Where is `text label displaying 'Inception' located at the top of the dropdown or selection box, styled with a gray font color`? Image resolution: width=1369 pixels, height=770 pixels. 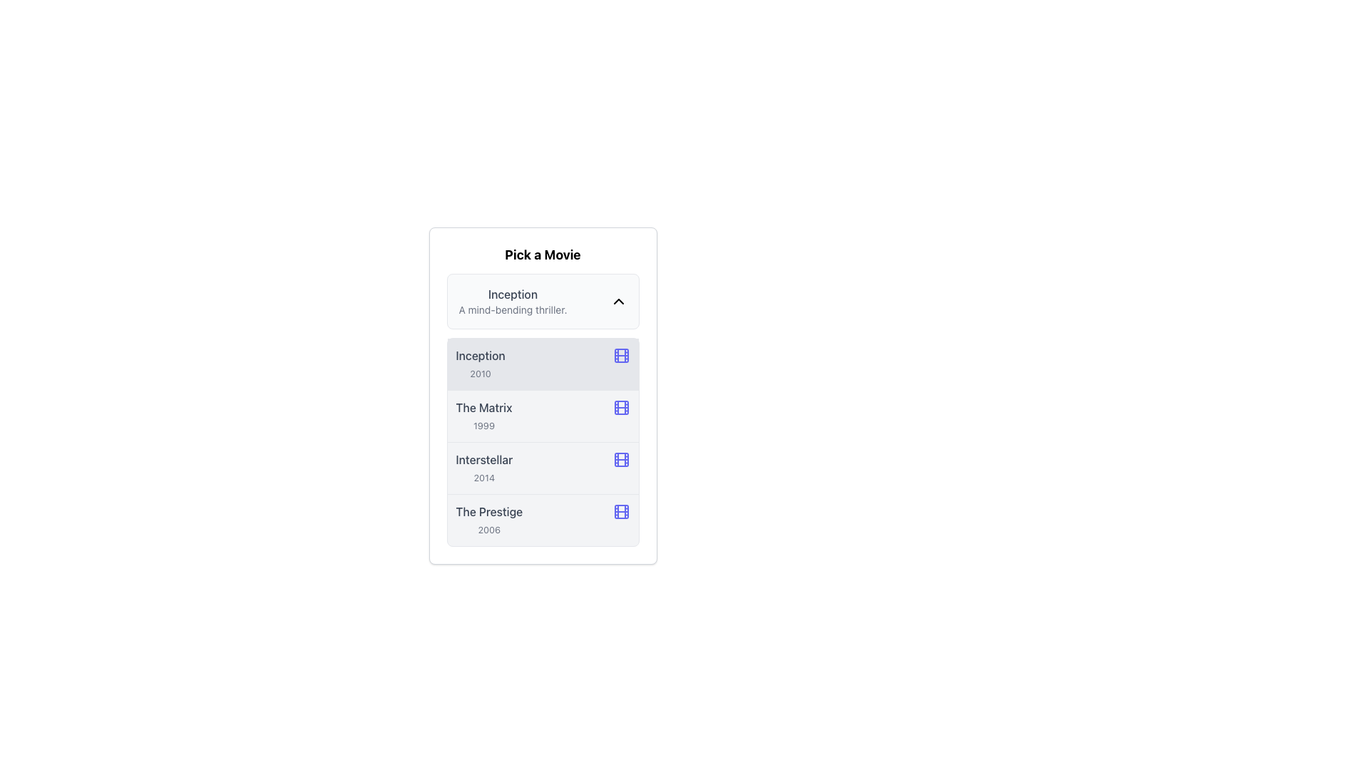
text label displaying 'Inception' located at the top of the dropdown or selection box, styled with a gray font color is located at coordinates (513, 293).